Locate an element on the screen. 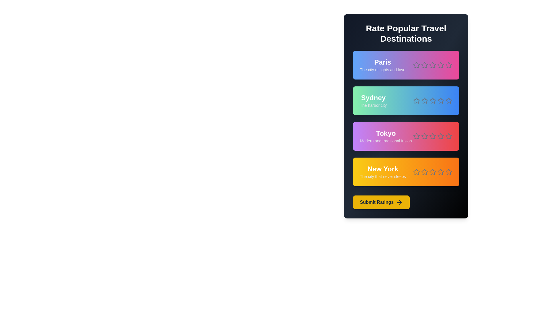  the star corresponding to 3 stars to preview the rating is located at coordinates (433, 65).